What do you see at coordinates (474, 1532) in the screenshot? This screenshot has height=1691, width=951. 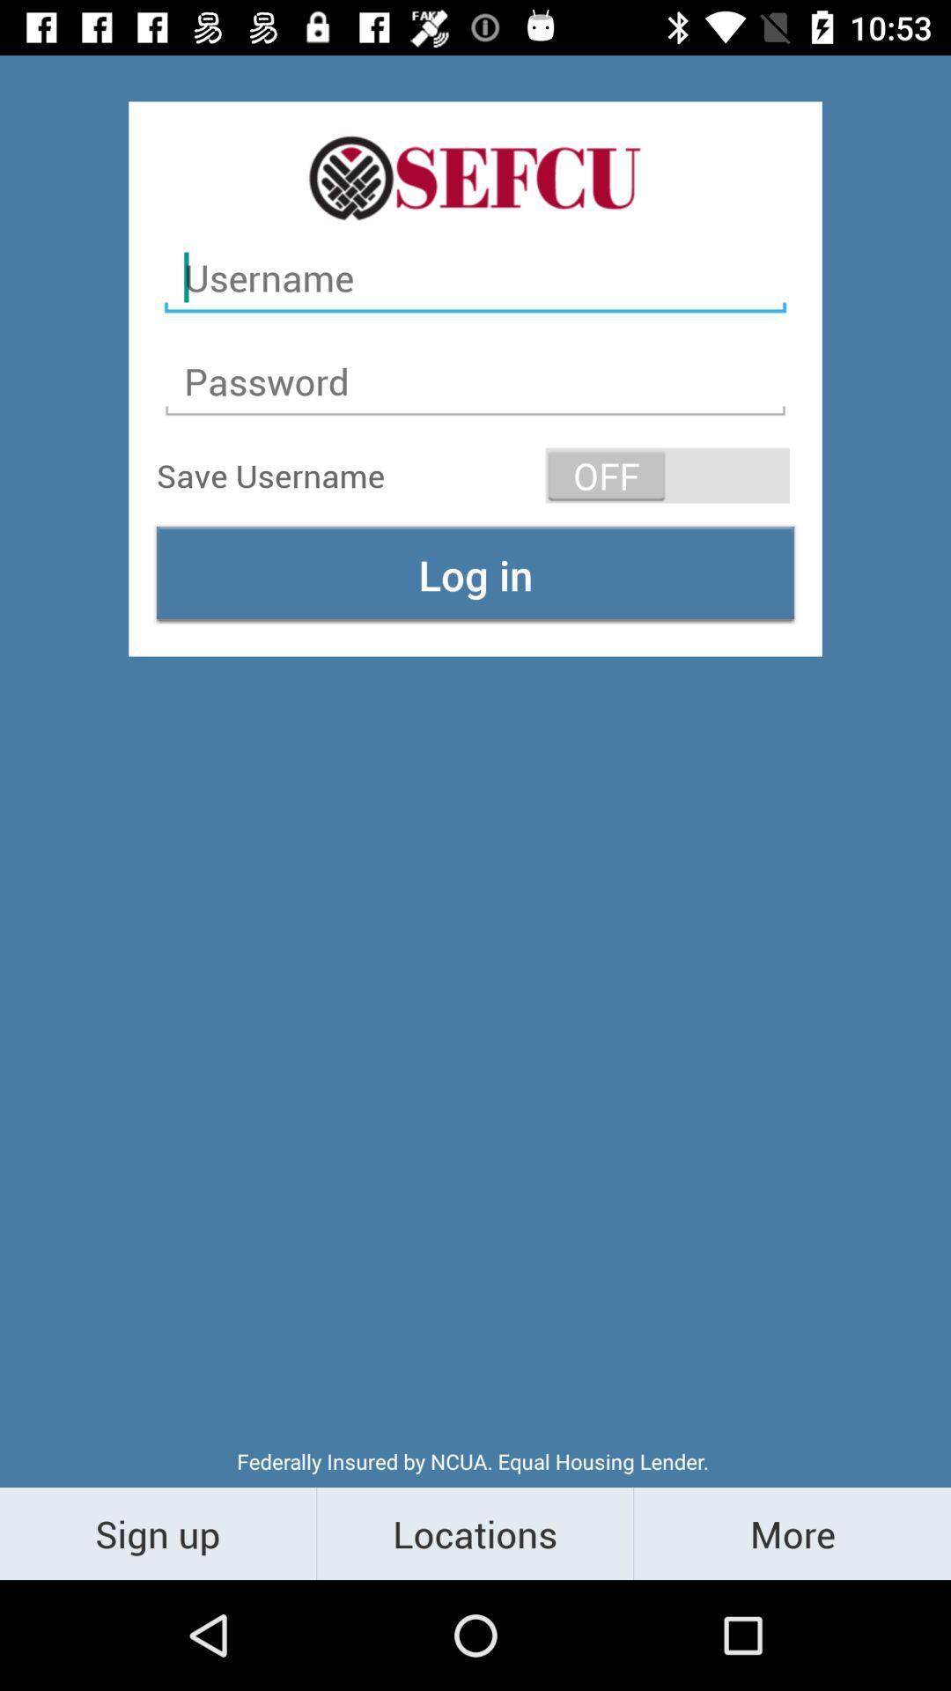 I see `the item to the right of sign up item` at bounding box center [474, 1532].